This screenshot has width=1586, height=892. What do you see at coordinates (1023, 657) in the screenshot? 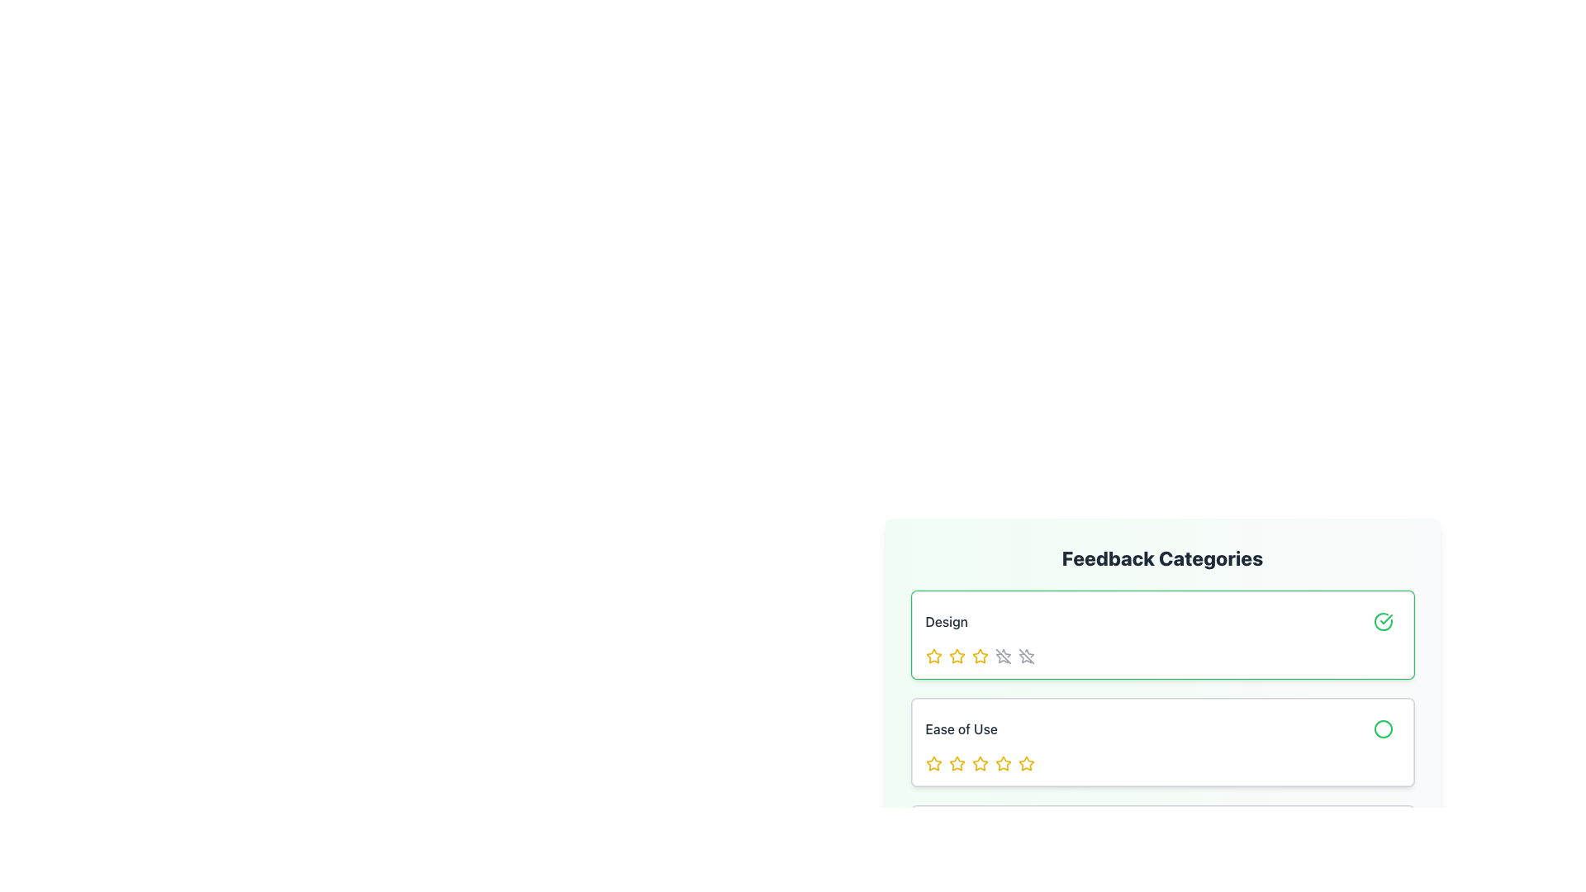
I see `the fourth star icon in the 'Design' feedback rating system, which serves as a placeholder for feedback` at bounding box center [1023, 657].